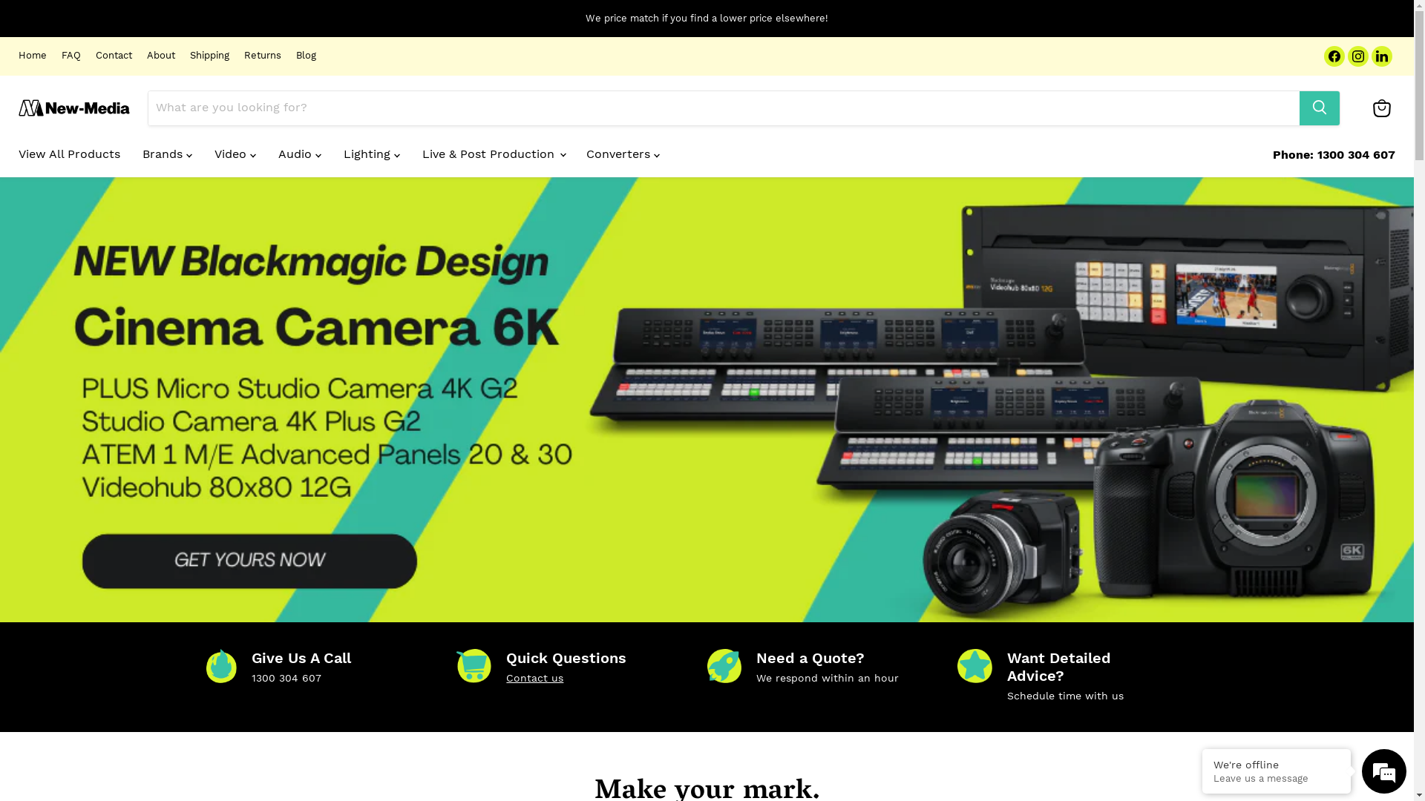 Image resolution: width=1425 pixels, height=801 pixels. What do you see at coordinates (209, 55) in the screenshot?
I see `'Shipping'` at bounding box center [209, 55].